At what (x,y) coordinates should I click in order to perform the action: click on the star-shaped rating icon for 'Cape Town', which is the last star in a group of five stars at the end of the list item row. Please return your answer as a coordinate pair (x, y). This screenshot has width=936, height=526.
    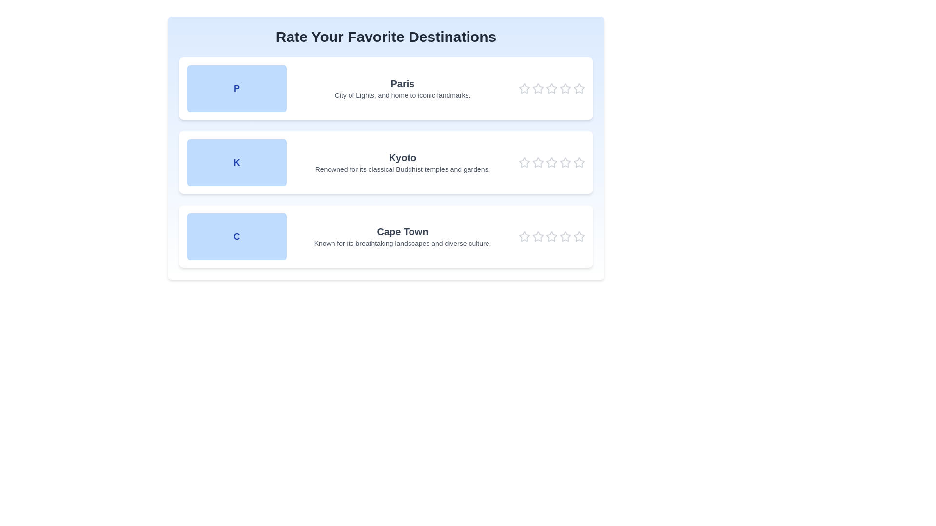
    Looking at the image, I should click on (579, 236).